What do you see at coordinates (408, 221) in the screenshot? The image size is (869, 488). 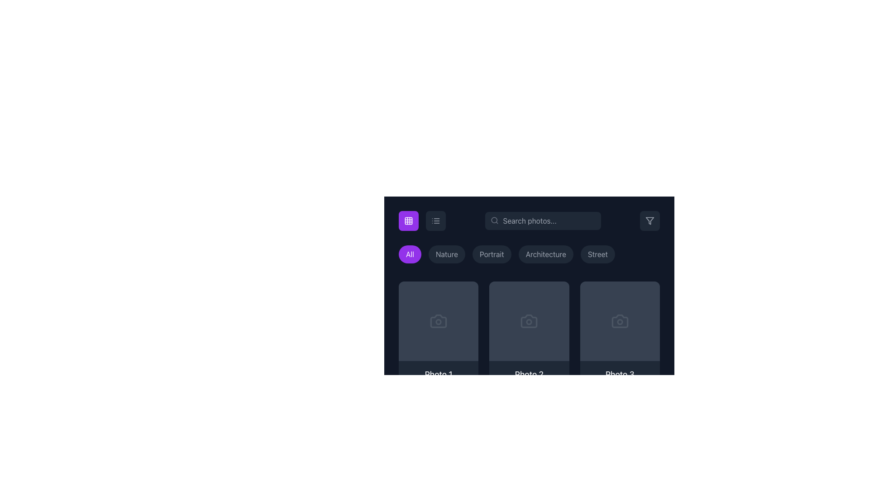 I see `the grid icon located at the top-left section of the dark-themed interface` at bounding box center [408, 221].